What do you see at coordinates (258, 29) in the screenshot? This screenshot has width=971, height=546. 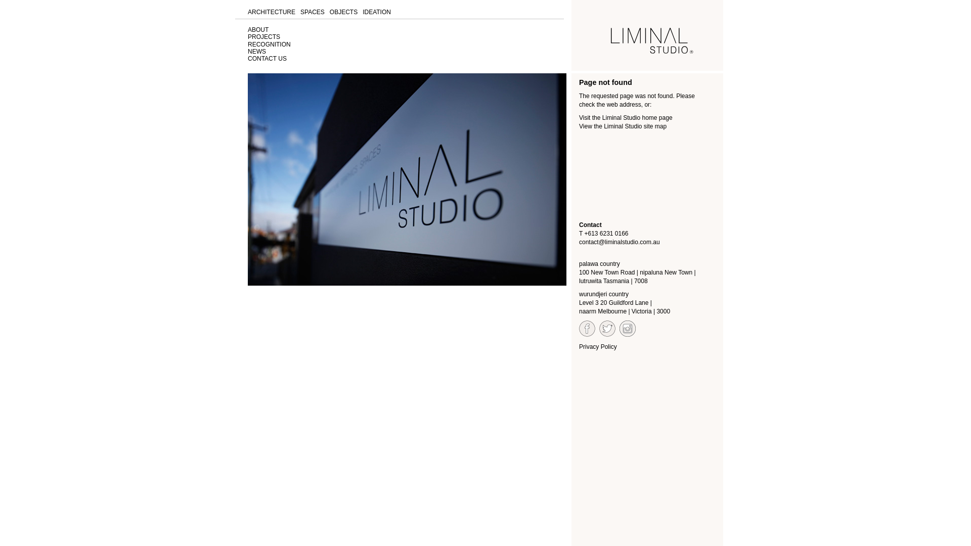 I see `'ABOUT'` at bounding box center [258, 29].